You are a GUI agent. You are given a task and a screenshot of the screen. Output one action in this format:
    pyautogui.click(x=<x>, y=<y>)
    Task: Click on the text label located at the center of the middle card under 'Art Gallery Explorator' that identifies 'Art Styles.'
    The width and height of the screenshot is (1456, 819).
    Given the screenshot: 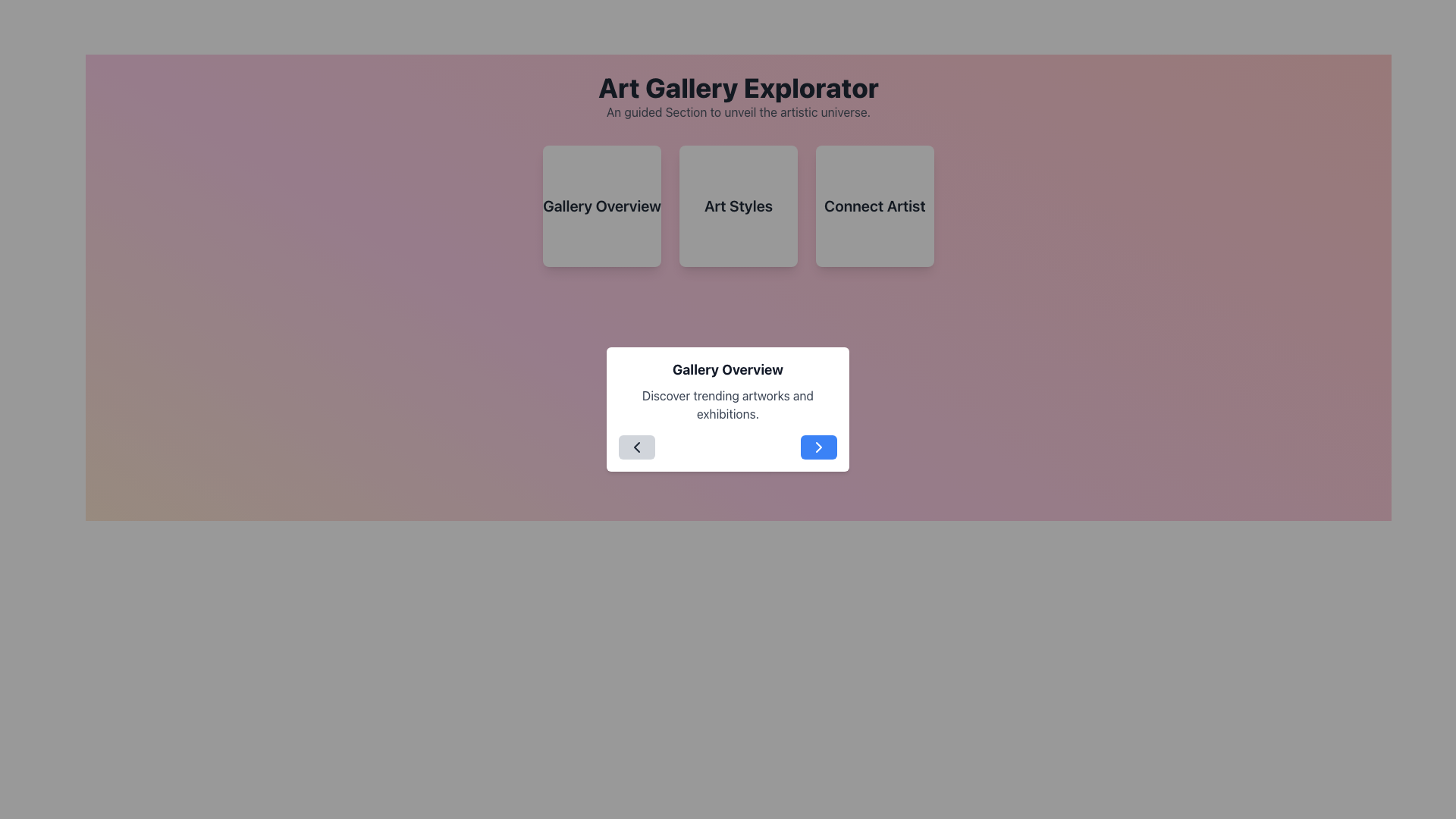 What is the action you would take?
    pyautogui.click(x=739, y=206)
    